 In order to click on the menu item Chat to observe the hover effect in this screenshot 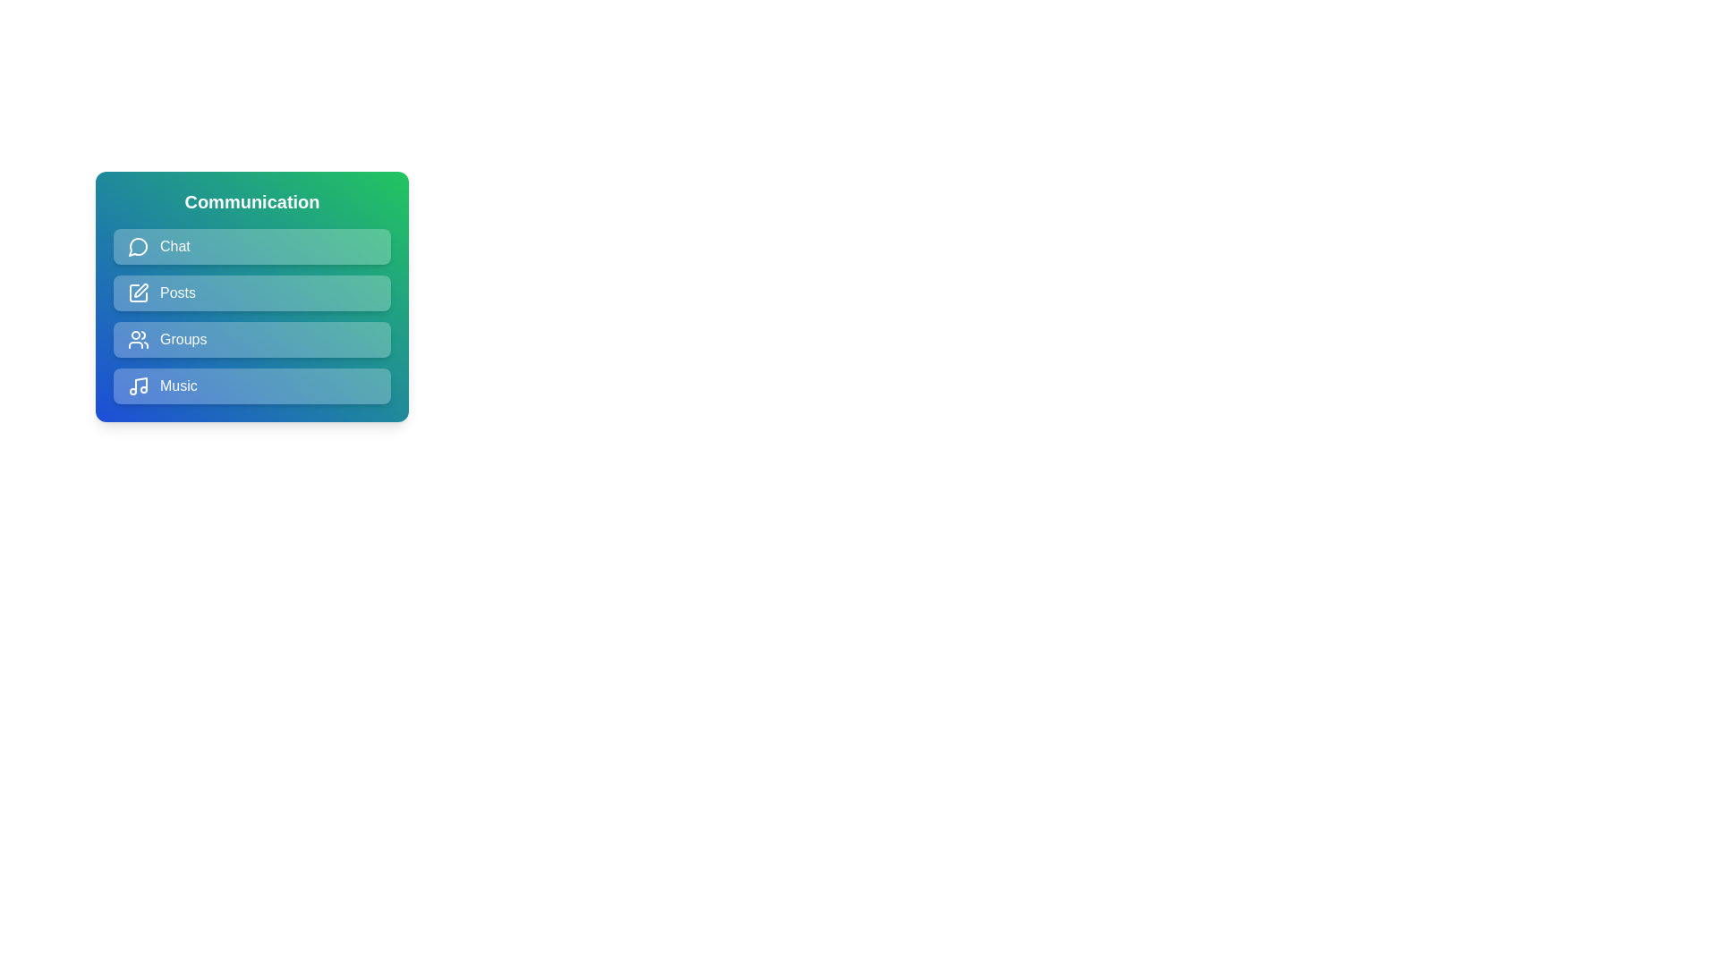, I will do `click(251, 247)`.